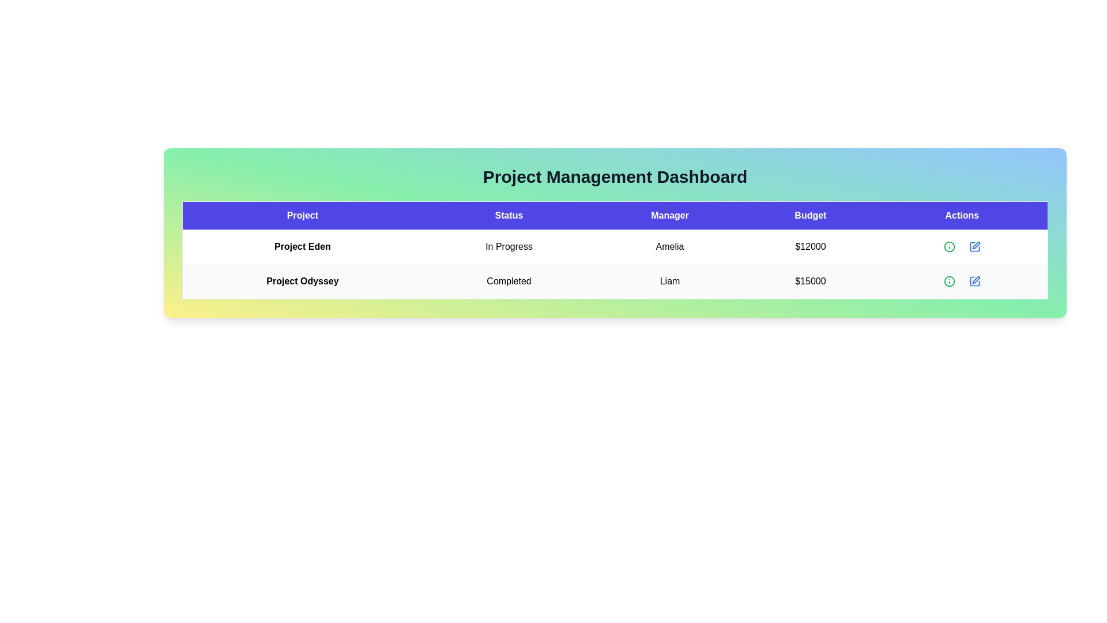  Describe the element at coordinates (302, 282) in the screenshot. I see `the project label element in the second row of the table that indicates the name of the project, which is located directly below 'Project Eden'` at that location.